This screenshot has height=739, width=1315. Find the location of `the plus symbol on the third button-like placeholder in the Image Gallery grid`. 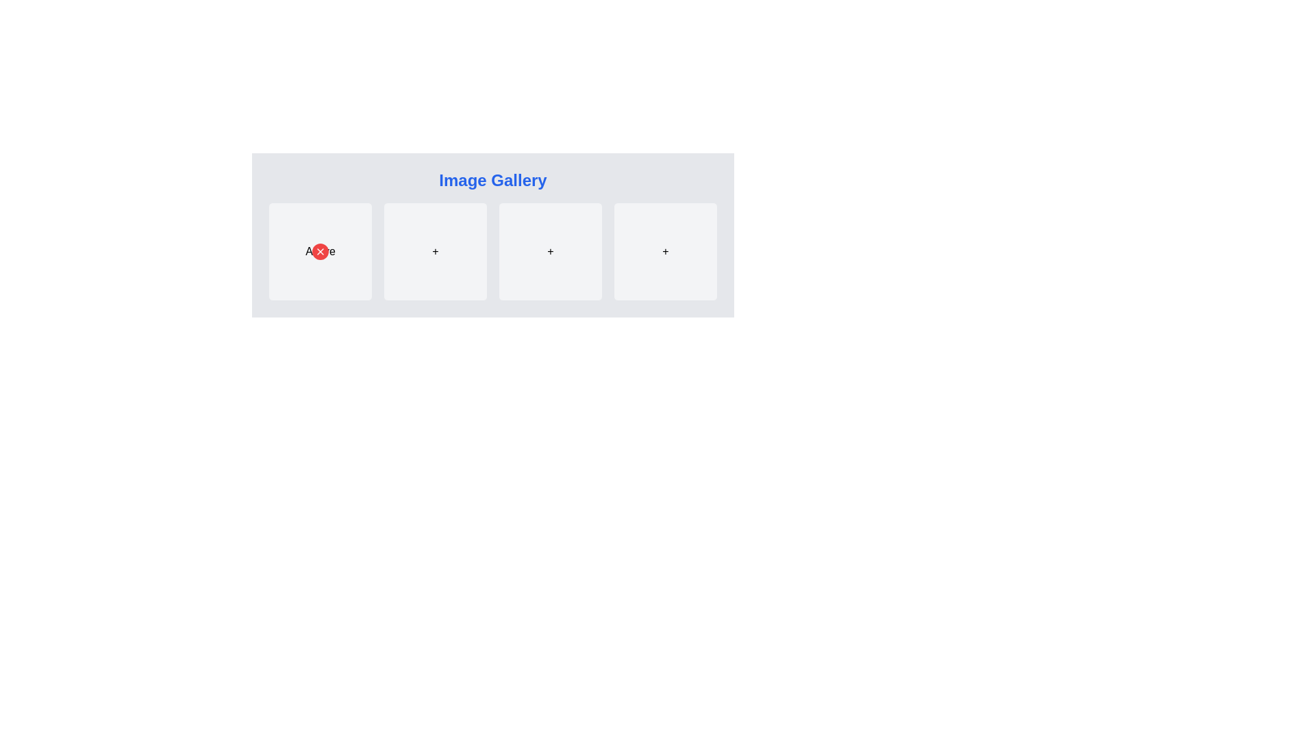

the plus symbol on the third button-like placeholder in the Image Gallery grid is located at coordinates (551, 251).